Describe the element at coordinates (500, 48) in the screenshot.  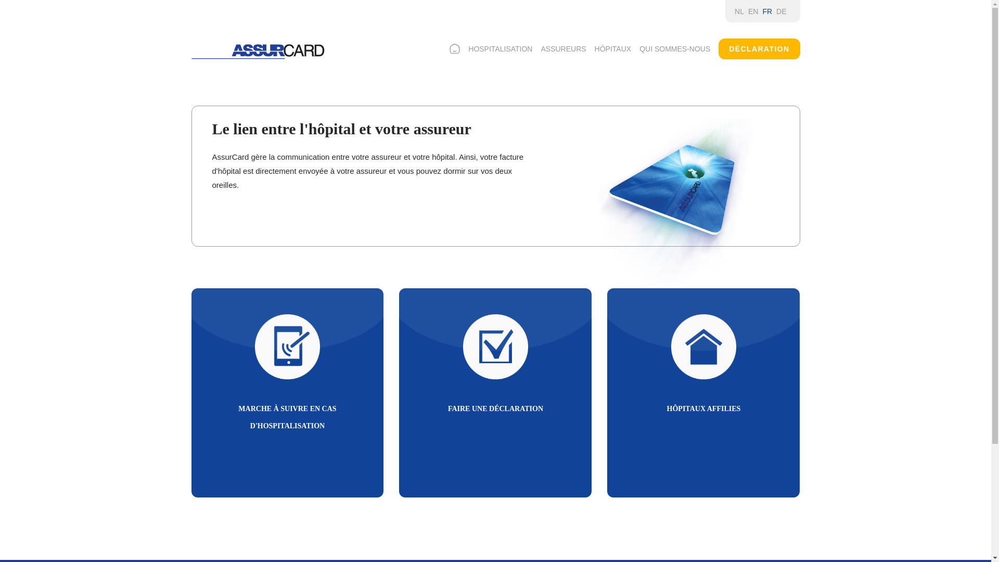
I see `'HOSPITALISATION'` at that location.